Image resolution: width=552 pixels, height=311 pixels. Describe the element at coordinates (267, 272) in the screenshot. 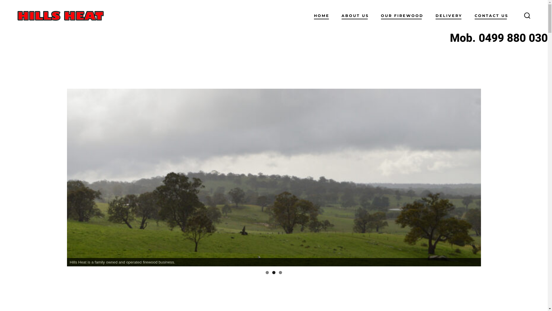

I see `'1'` at that location.